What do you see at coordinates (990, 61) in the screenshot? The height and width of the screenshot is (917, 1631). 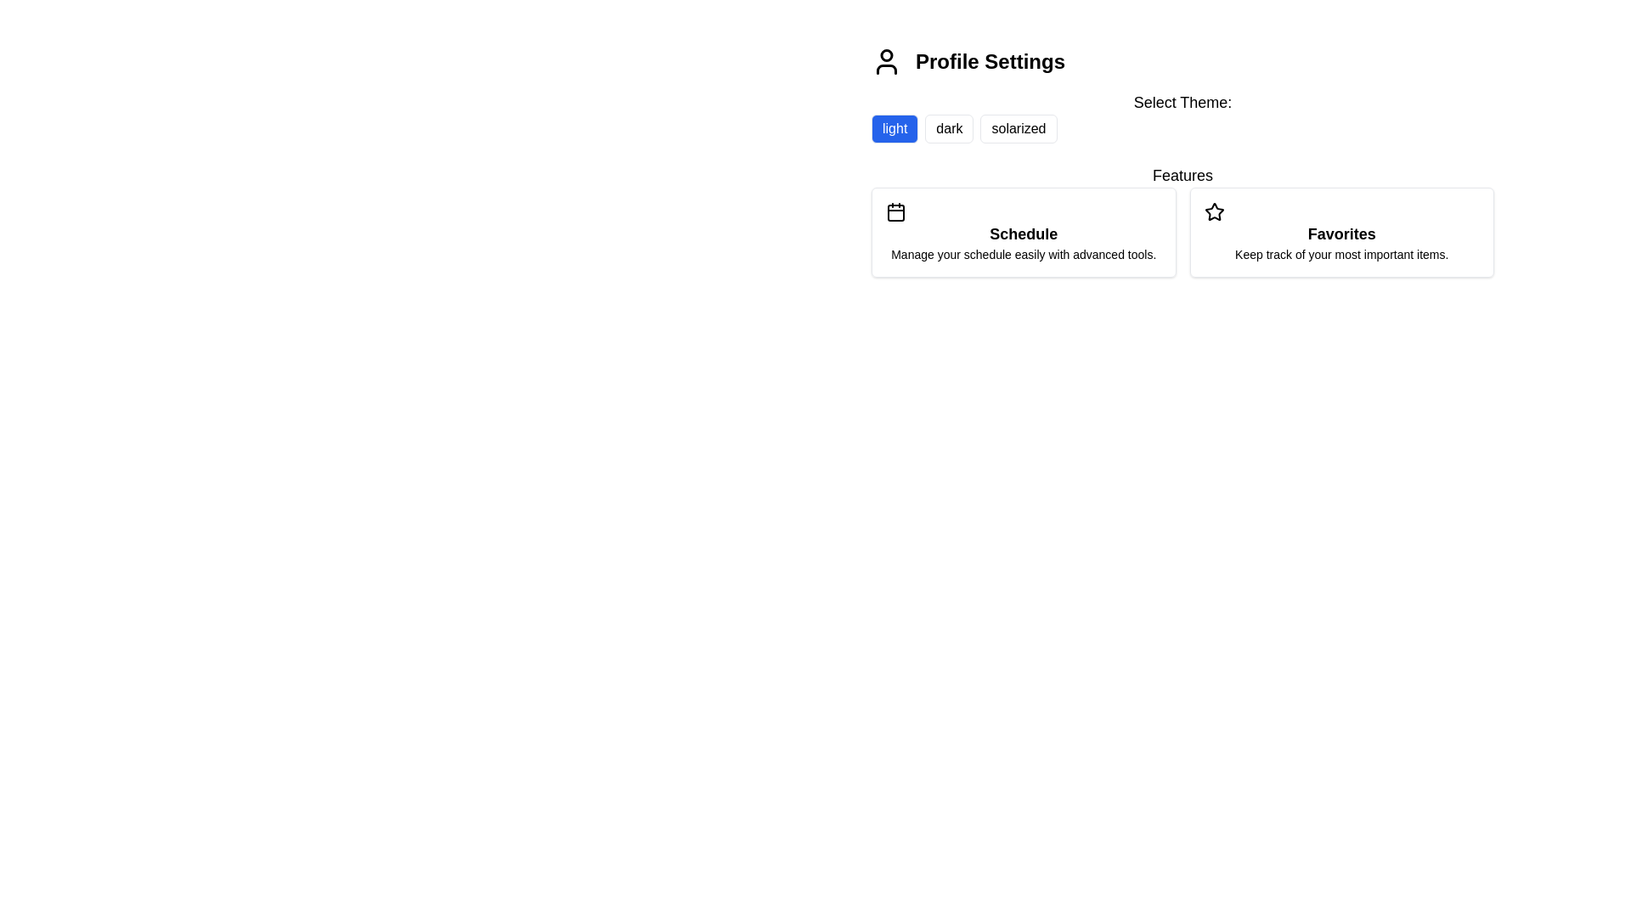 I see `the bold, black text label reading 'Profile Settings', which is styled with a large font size and prominently positioned in the UI, located to the right of the user icon` at bounding box center [990, 61].